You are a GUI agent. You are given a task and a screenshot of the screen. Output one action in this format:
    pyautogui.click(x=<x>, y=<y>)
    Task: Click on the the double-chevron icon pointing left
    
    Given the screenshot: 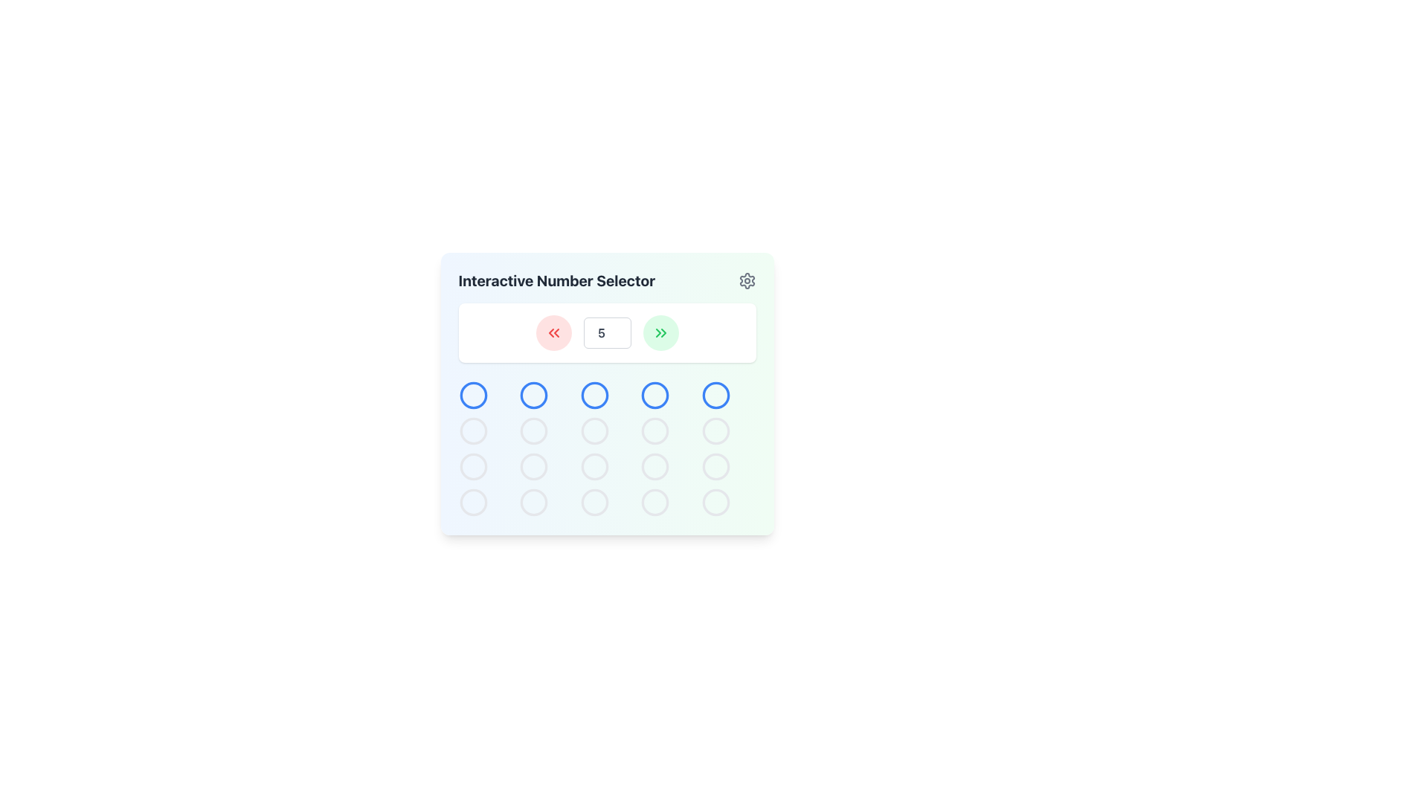 What is the action you would take?
    pyautogui.click(x=553, y=332)
    